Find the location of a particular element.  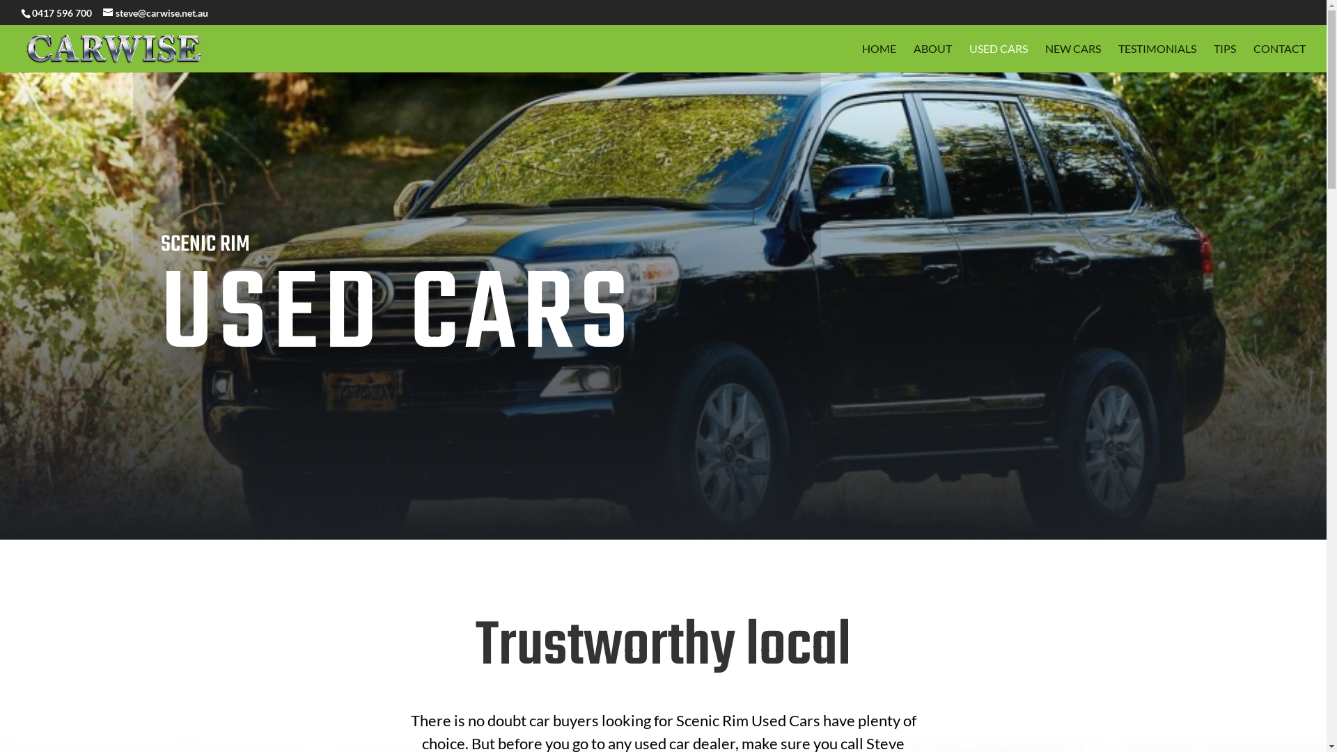

'TESTIMONIALS' is located at coordinates (1118, 57).